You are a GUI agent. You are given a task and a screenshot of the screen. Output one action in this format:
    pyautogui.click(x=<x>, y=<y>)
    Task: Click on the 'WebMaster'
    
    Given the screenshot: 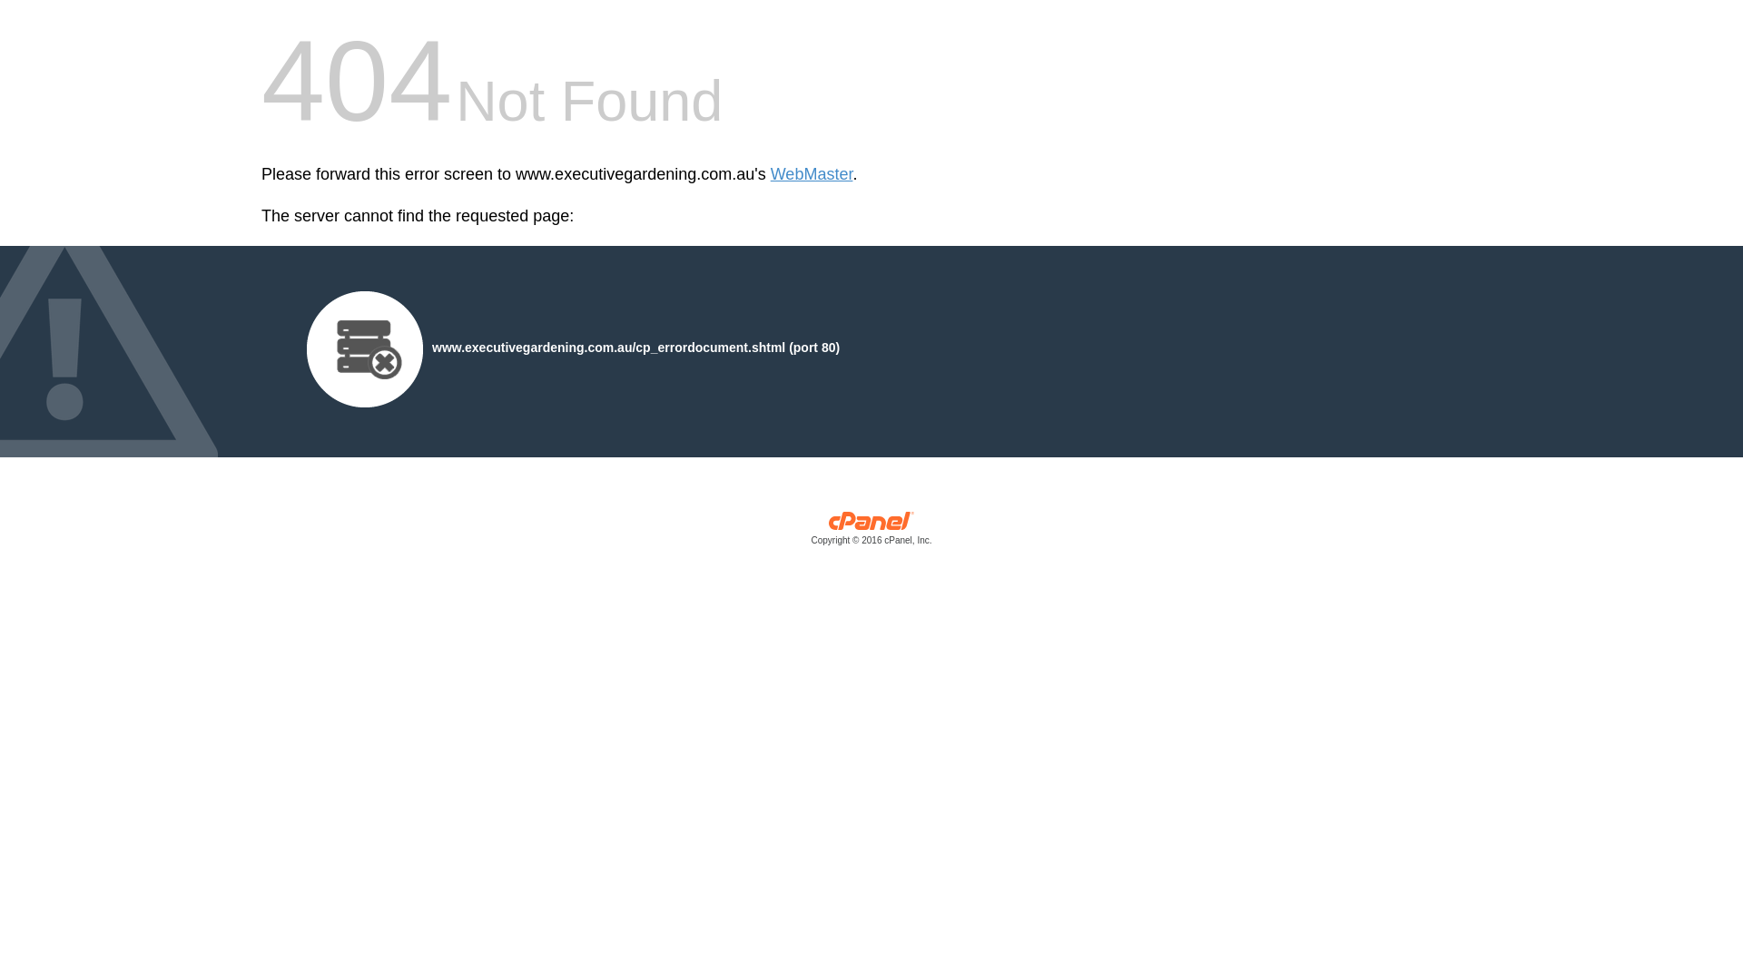 What is the action you would take?
    pyautogui.click(x=811, y=174)
    